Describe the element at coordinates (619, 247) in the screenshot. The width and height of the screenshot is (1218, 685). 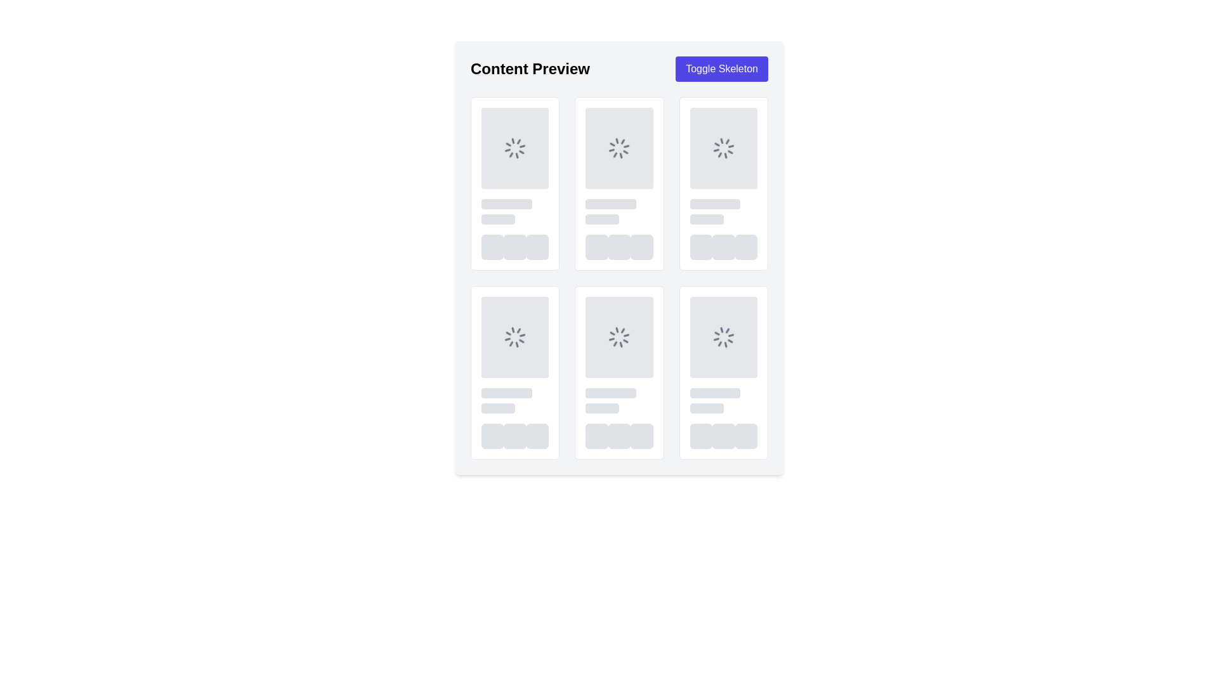
I see `the UI placeholder group located at the bottom of the second column from the left, which represents controls or actions associated with its card-like layout` at that location.